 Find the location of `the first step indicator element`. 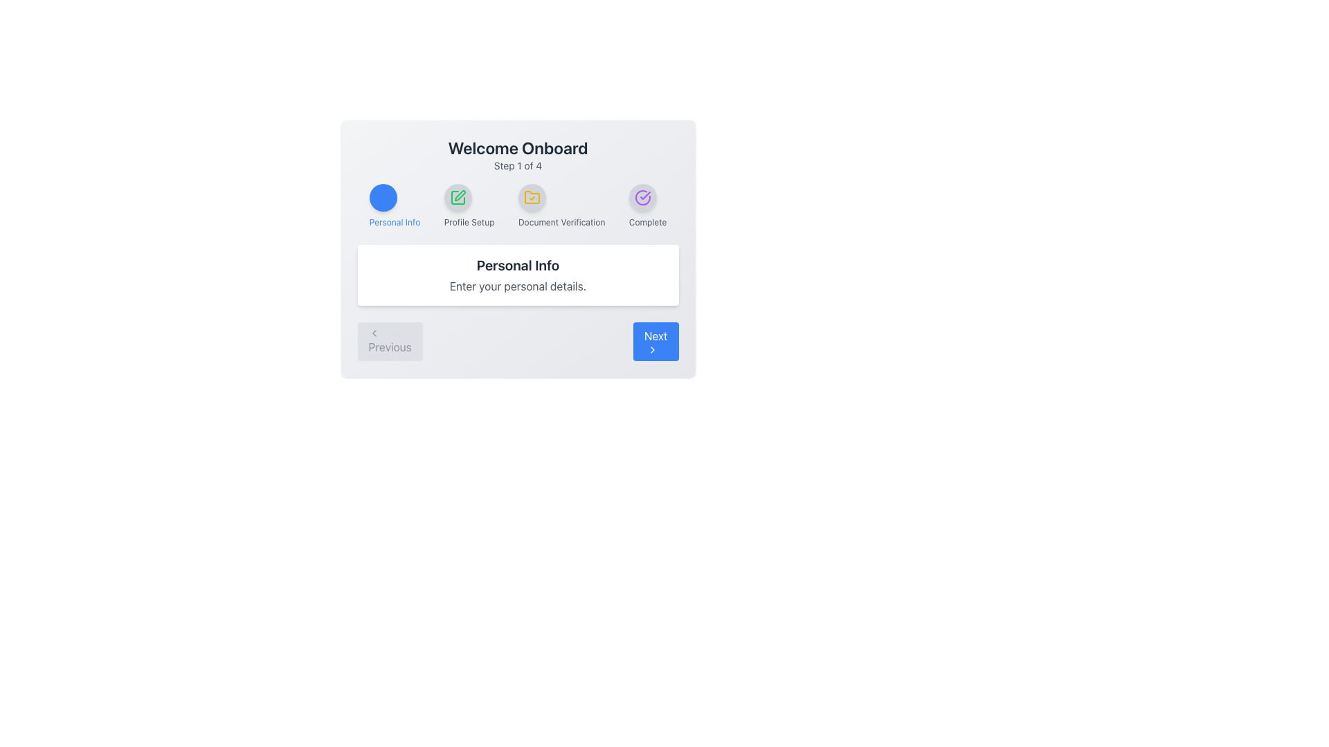

the first step indicator element is located at coordinates (394, 205).